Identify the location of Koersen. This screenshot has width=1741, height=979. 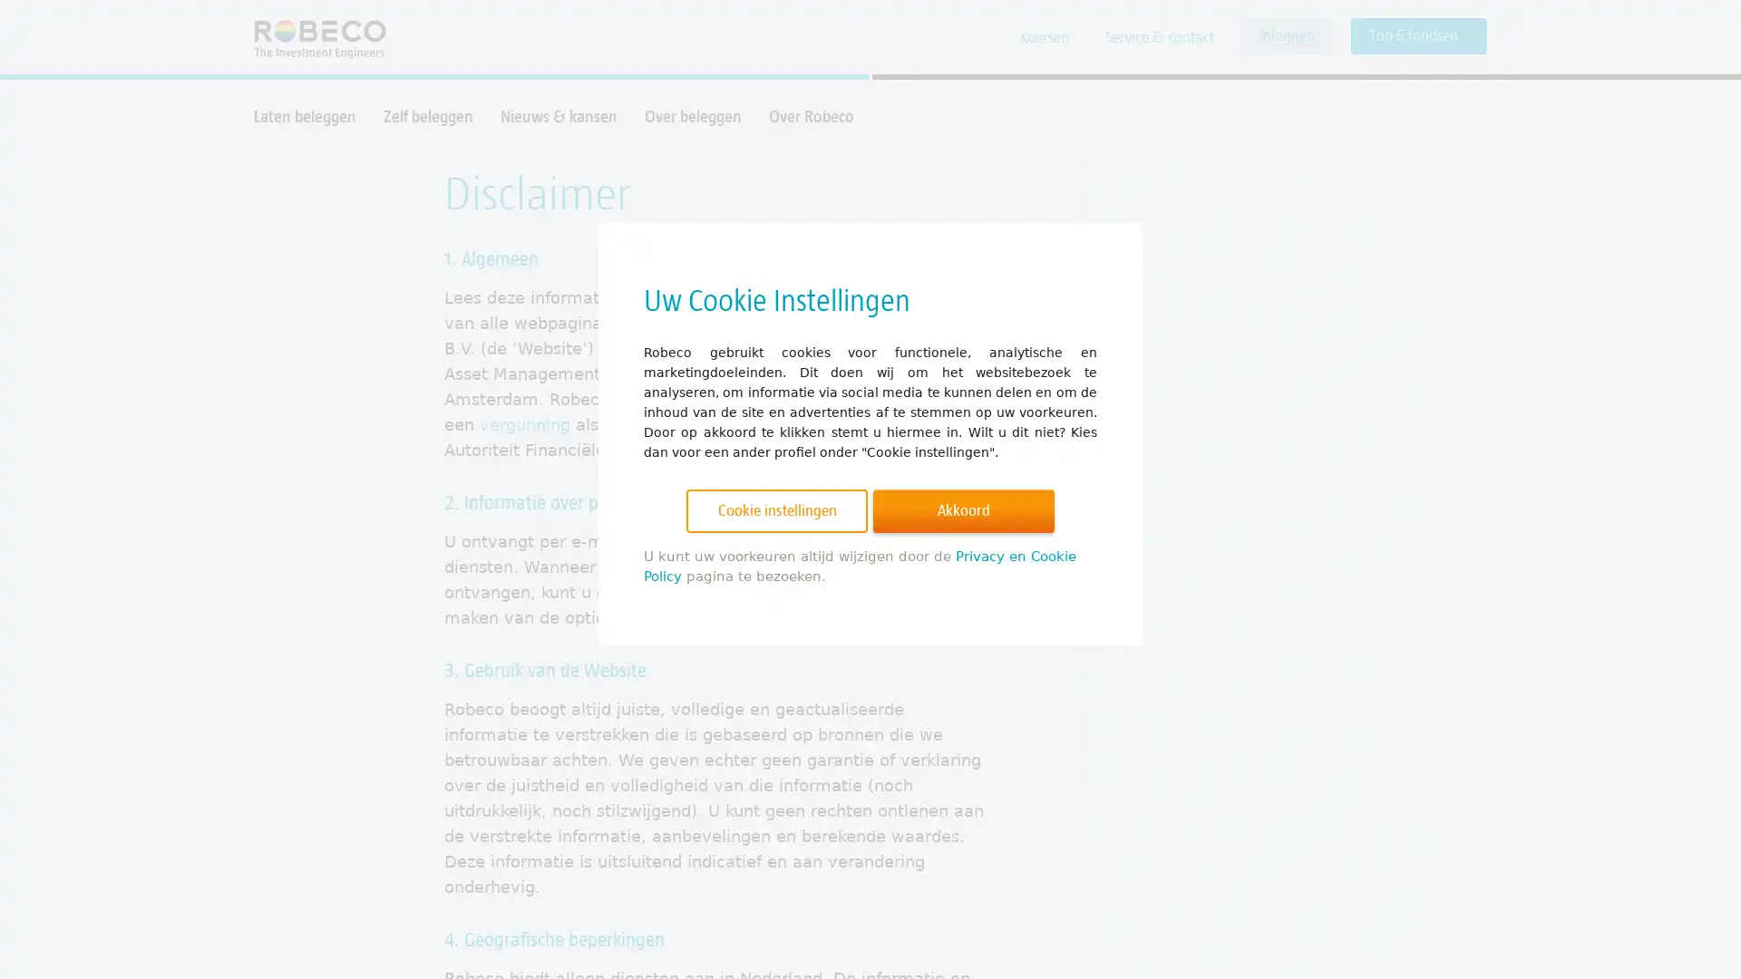
(1045, 38).